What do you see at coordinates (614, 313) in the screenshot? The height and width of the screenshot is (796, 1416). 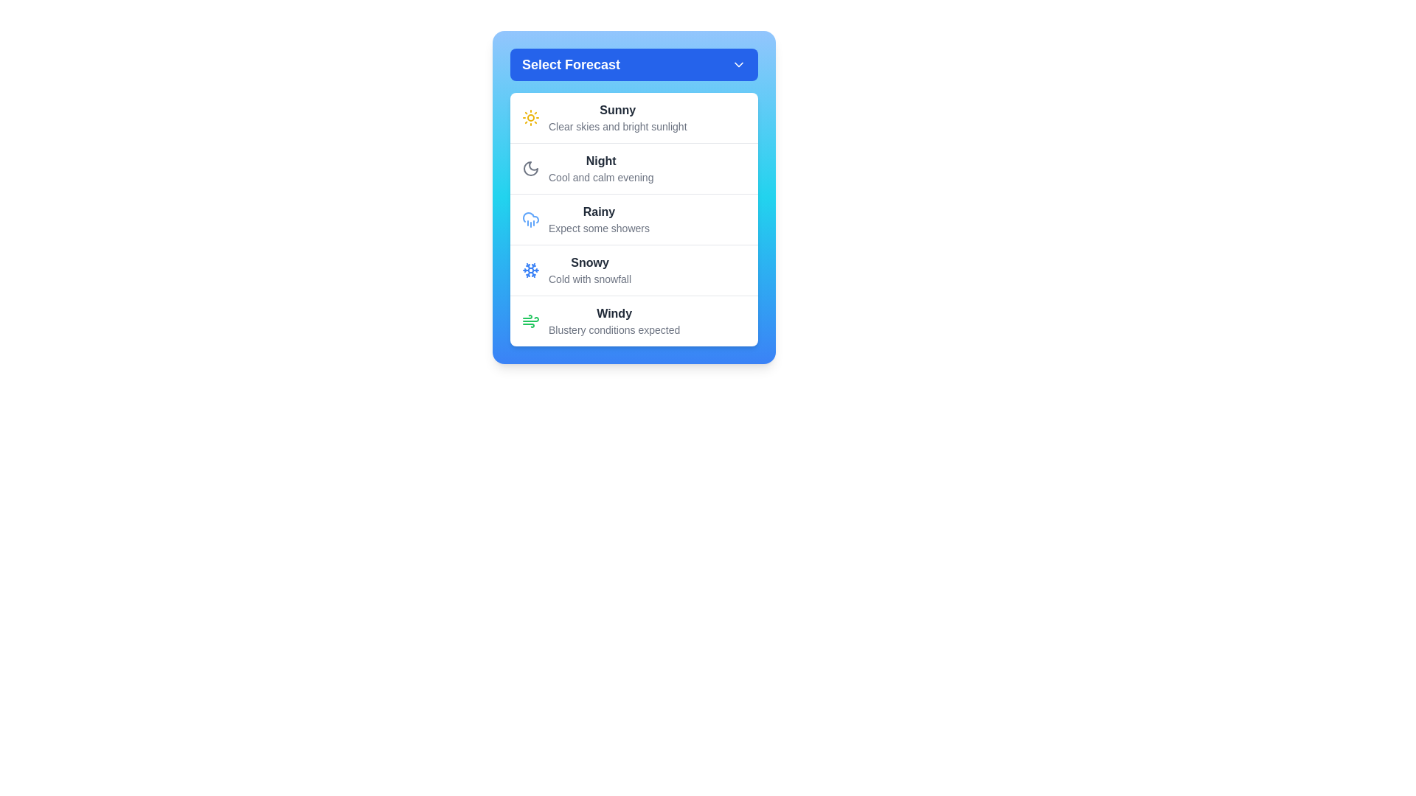 I see `bold text label displaying 'Windy', which is positioned at the top of the weather forecast item in the vertical list of forecasts` at bounding box center [614, 313].